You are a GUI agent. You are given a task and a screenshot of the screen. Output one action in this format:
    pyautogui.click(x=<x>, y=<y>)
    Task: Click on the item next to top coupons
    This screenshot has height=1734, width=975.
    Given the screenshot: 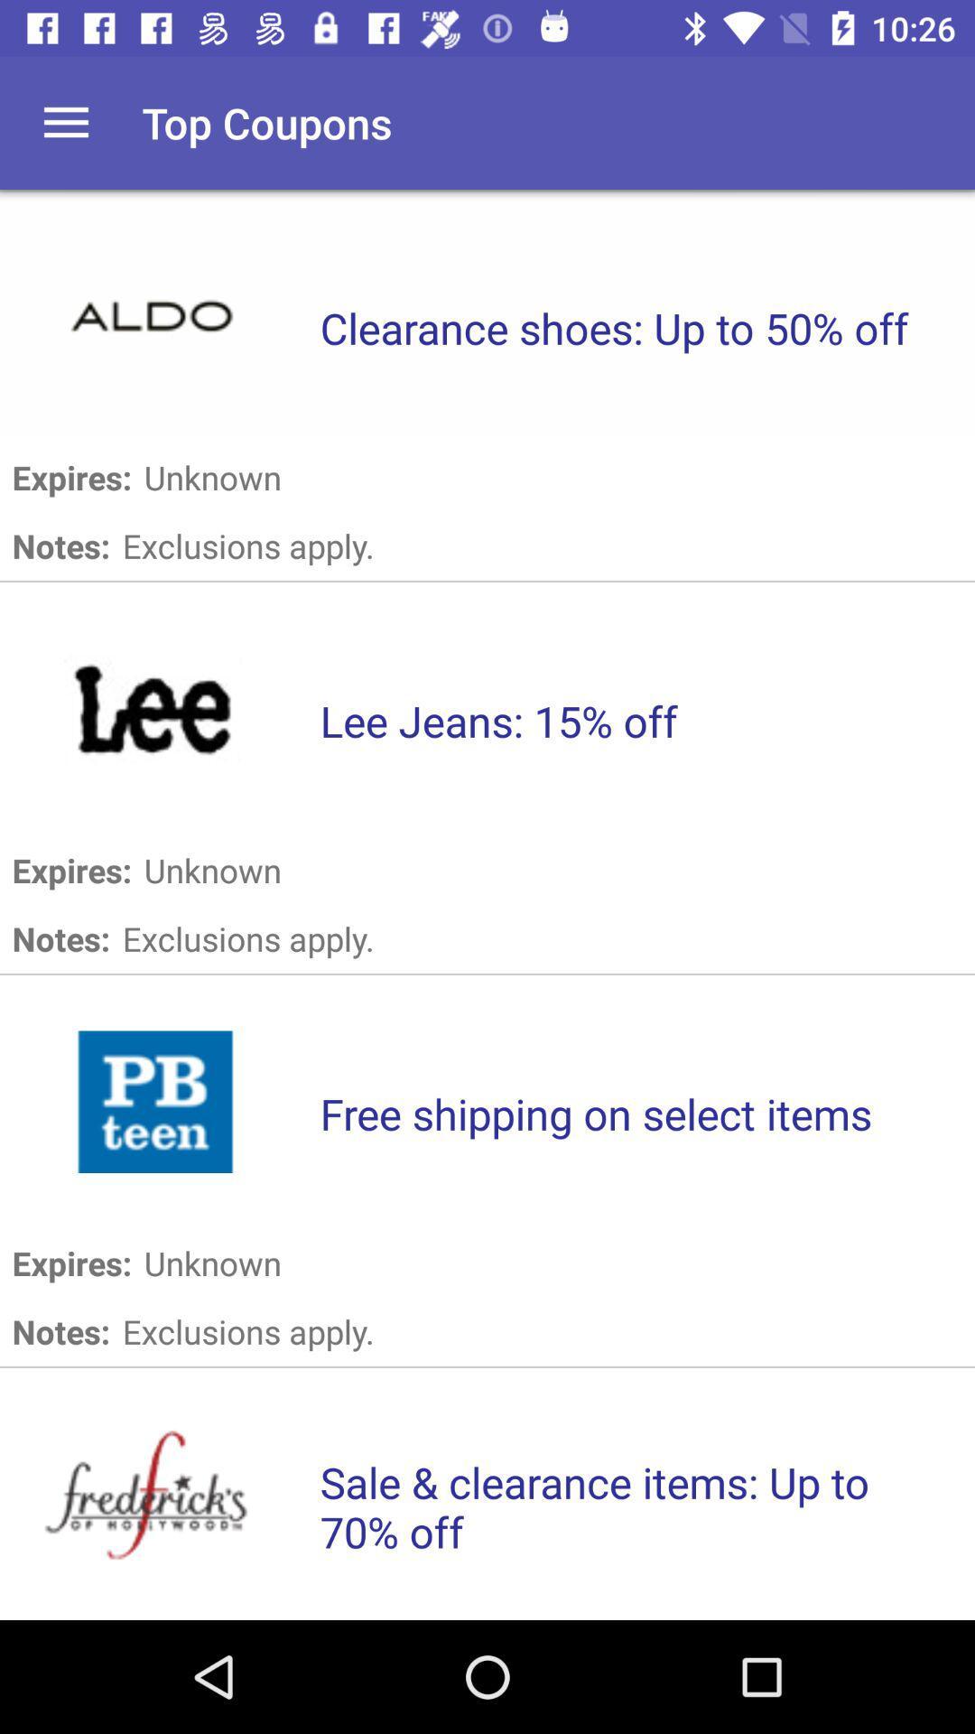 What is the action you would take?
    pyautogui.click(x=65, y=122)
    